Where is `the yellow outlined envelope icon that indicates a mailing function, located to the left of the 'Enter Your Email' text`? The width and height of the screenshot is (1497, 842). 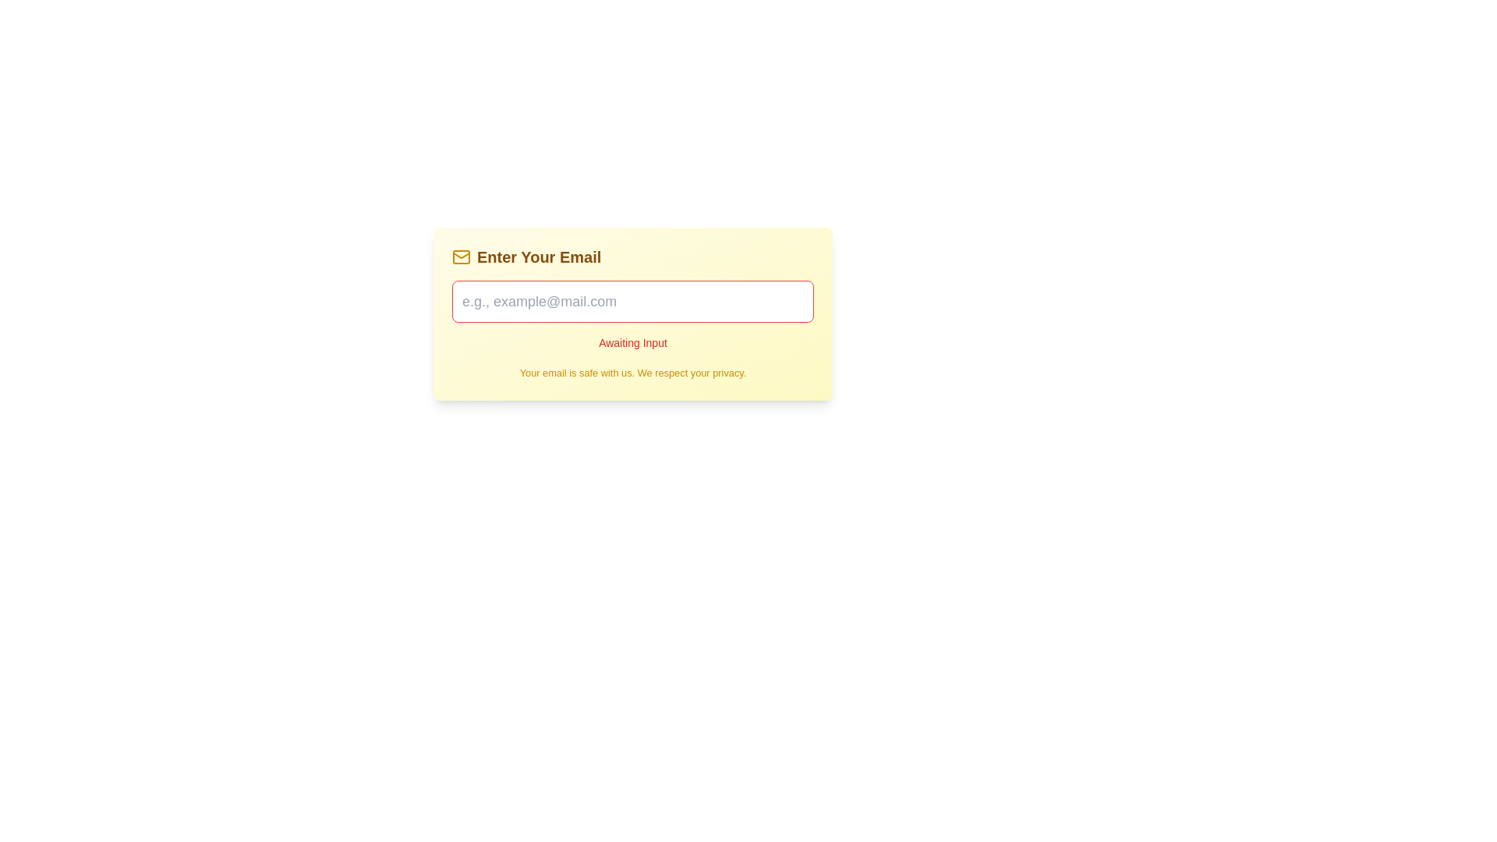 the yellow outlined envelope icon that indicates a mailing function, located to the left of the 'Enter Your Email' text is located at coordinates (460, 256).